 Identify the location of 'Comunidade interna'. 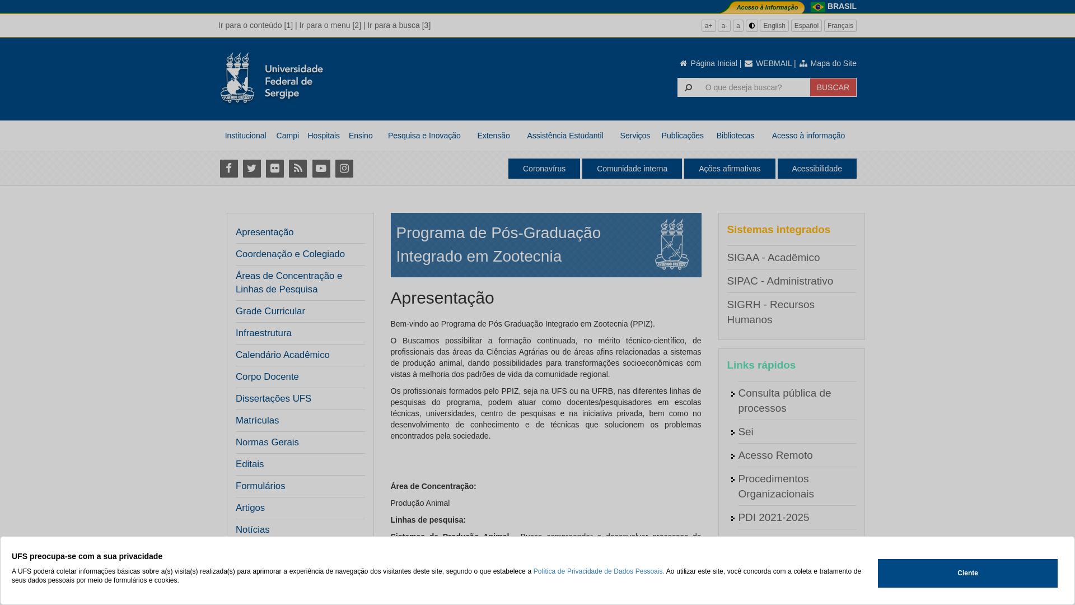
(632, 168).